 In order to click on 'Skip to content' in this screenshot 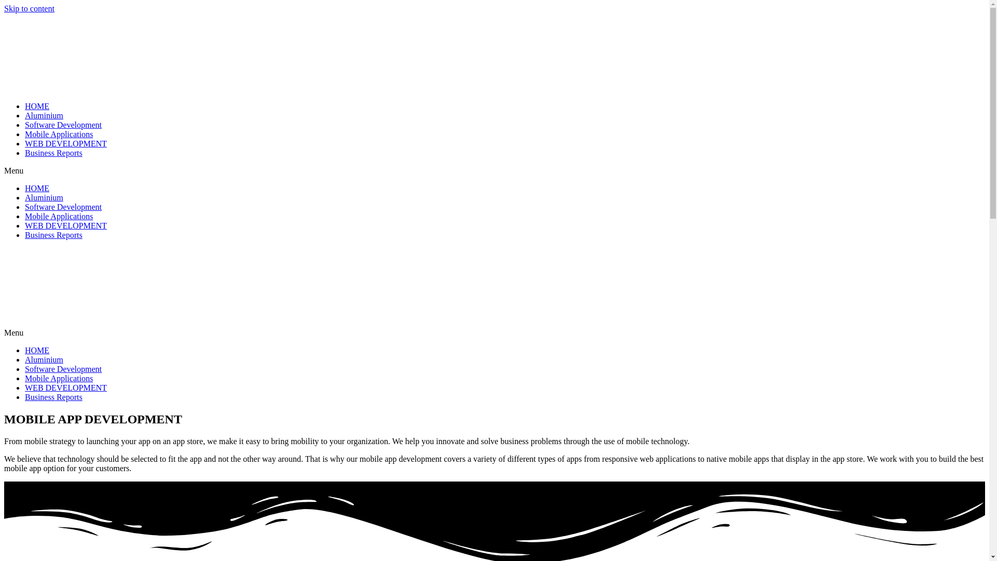, I will do `click(29, 8)`.